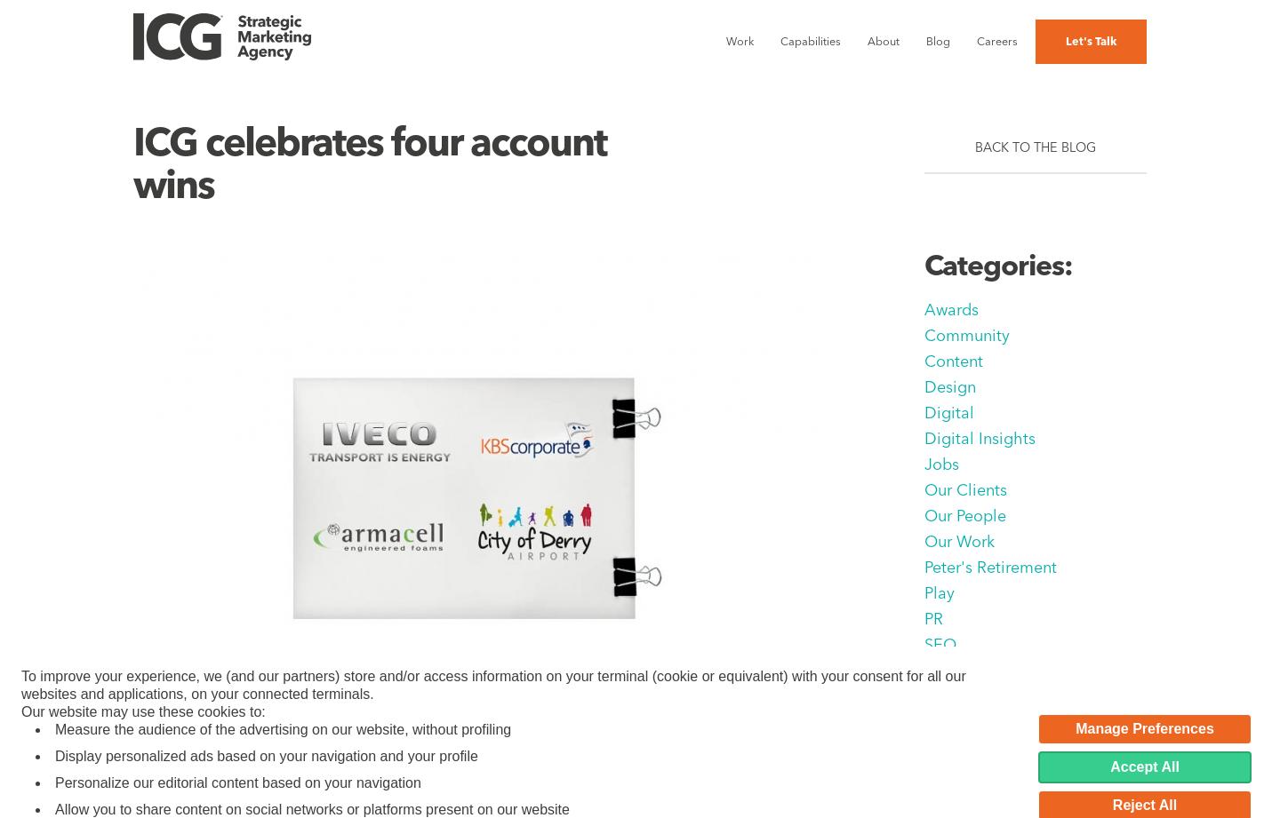  What do you see at coordinates (210, 796) in the screenshot?
I see `'26 May 2011'` at bounding box center [210, 796].